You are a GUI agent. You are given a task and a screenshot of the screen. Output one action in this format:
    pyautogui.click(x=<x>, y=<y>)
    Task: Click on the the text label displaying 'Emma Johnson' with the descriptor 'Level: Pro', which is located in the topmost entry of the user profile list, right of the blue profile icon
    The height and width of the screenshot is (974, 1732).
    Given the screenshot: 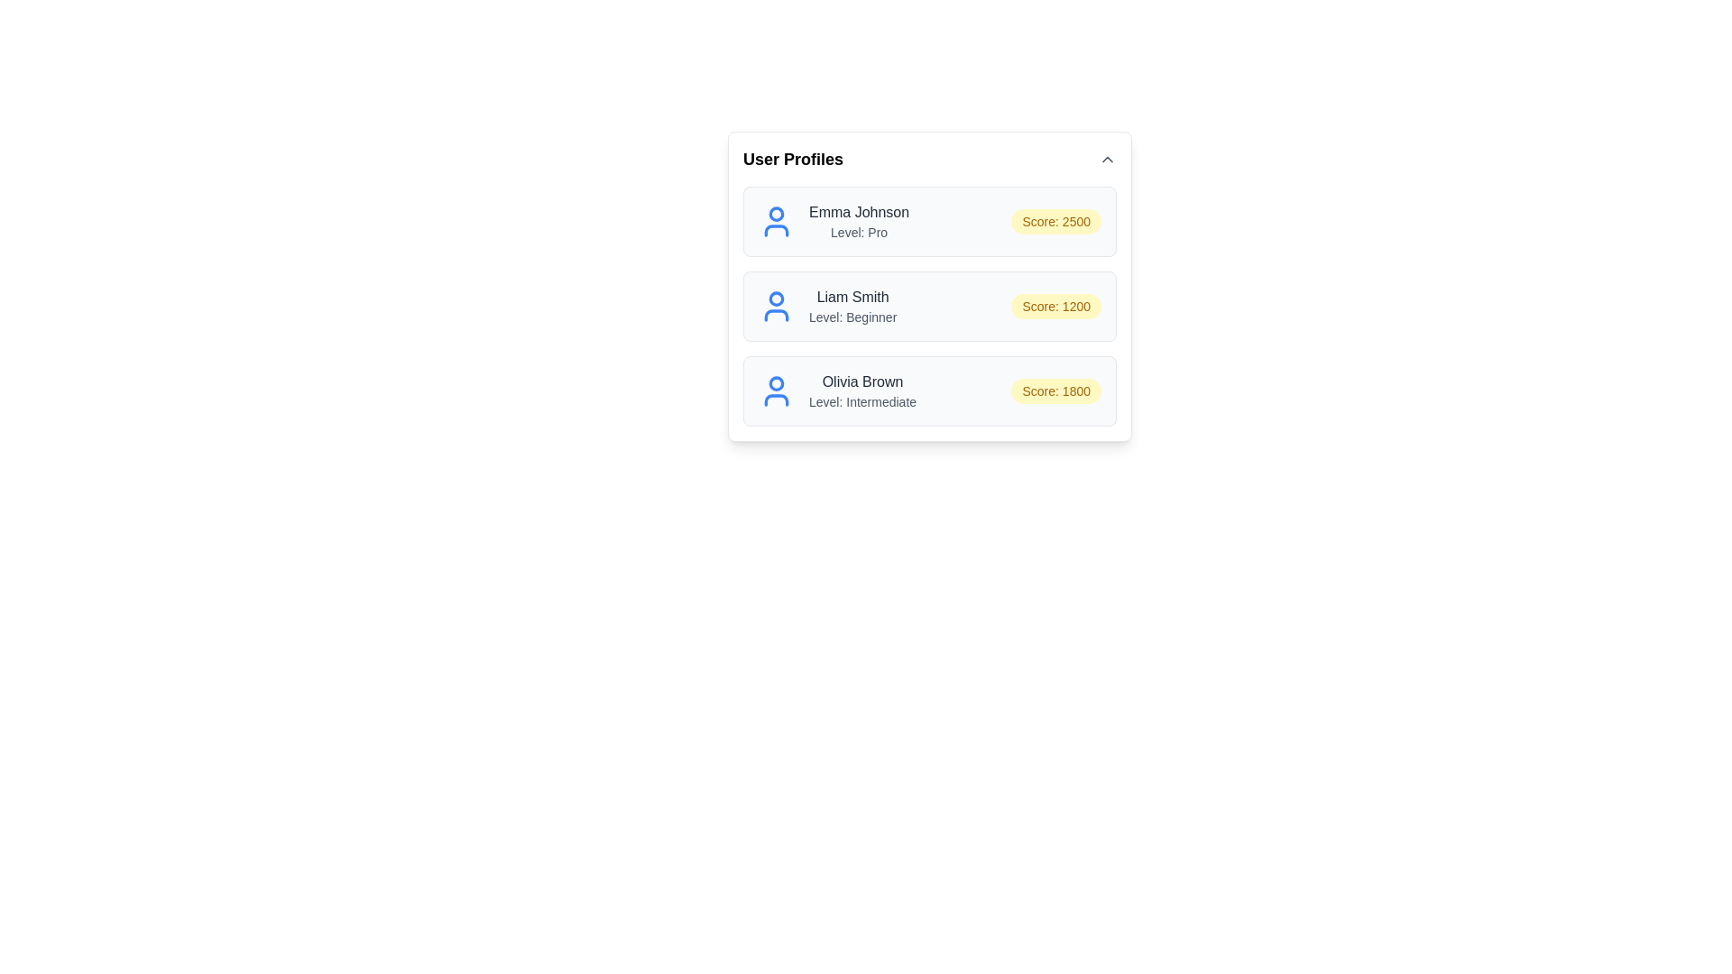 What is the action you would take?
    pyautogui.click(x=858, y=221)
    